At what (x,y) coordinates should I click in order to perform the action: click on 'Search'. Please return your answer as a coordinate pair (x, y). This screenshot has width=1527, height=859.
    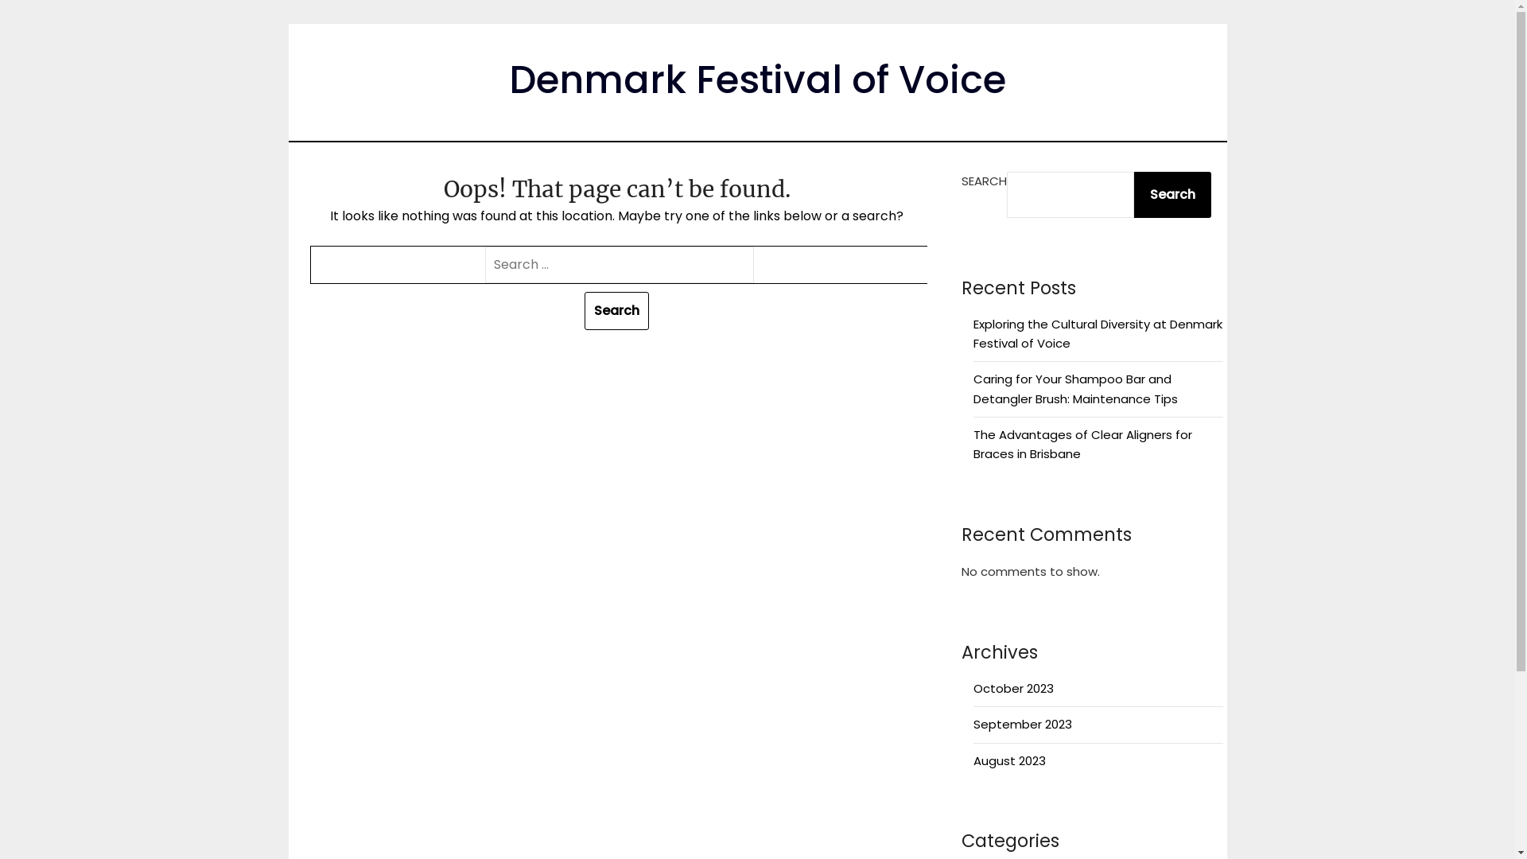
    Looking at the image, I should click on (616, 310).